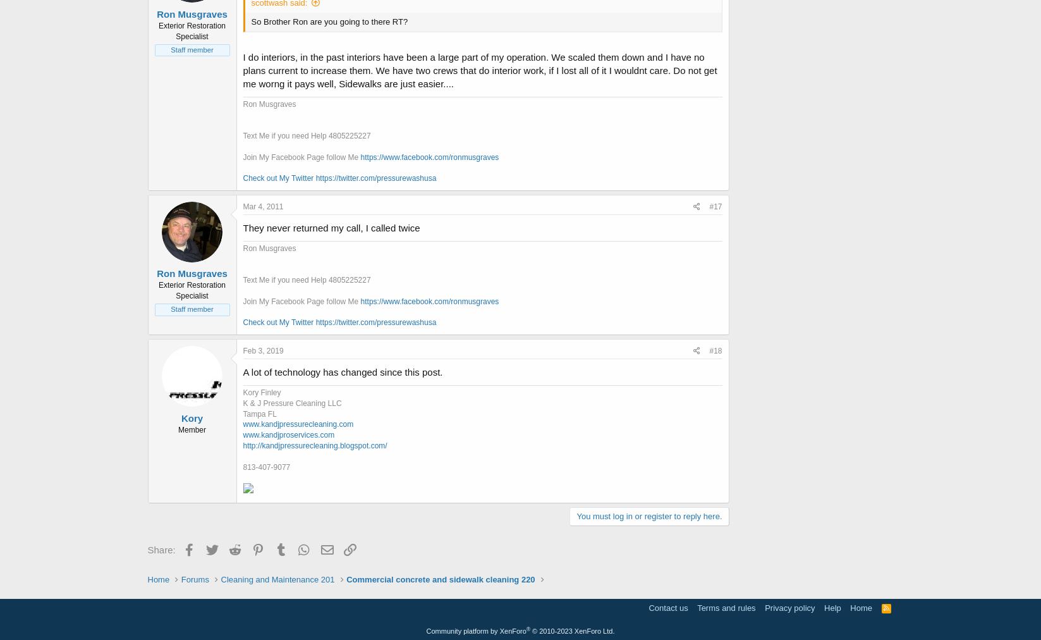  What do you see at coordinates (243, 226) in the screenshot?
I see `'They never returned my call, I called twice'` at bounding box center [243, 226].